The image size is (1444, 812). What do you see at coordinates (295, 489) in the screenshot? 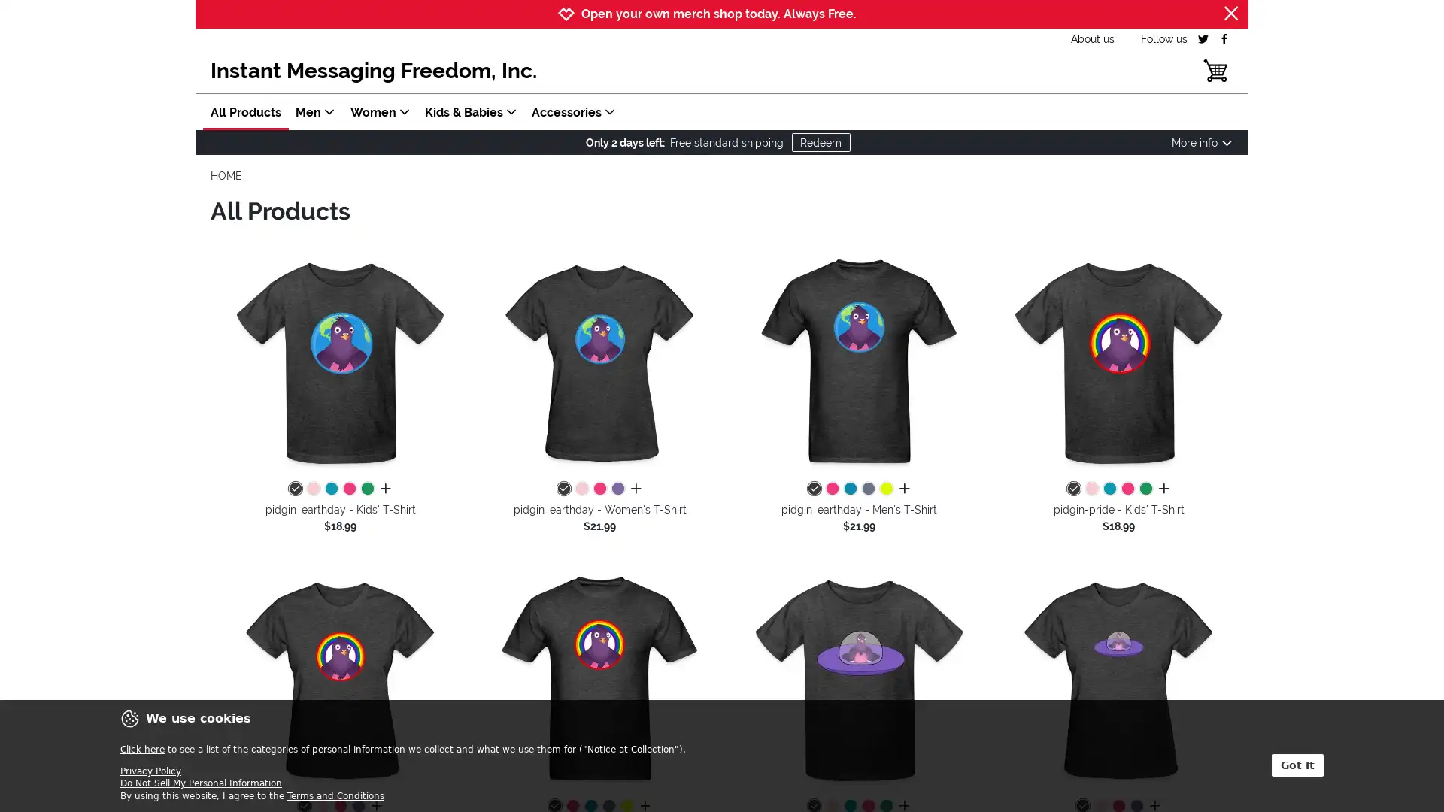
I see `heather black` at bounding box center [295, 489].